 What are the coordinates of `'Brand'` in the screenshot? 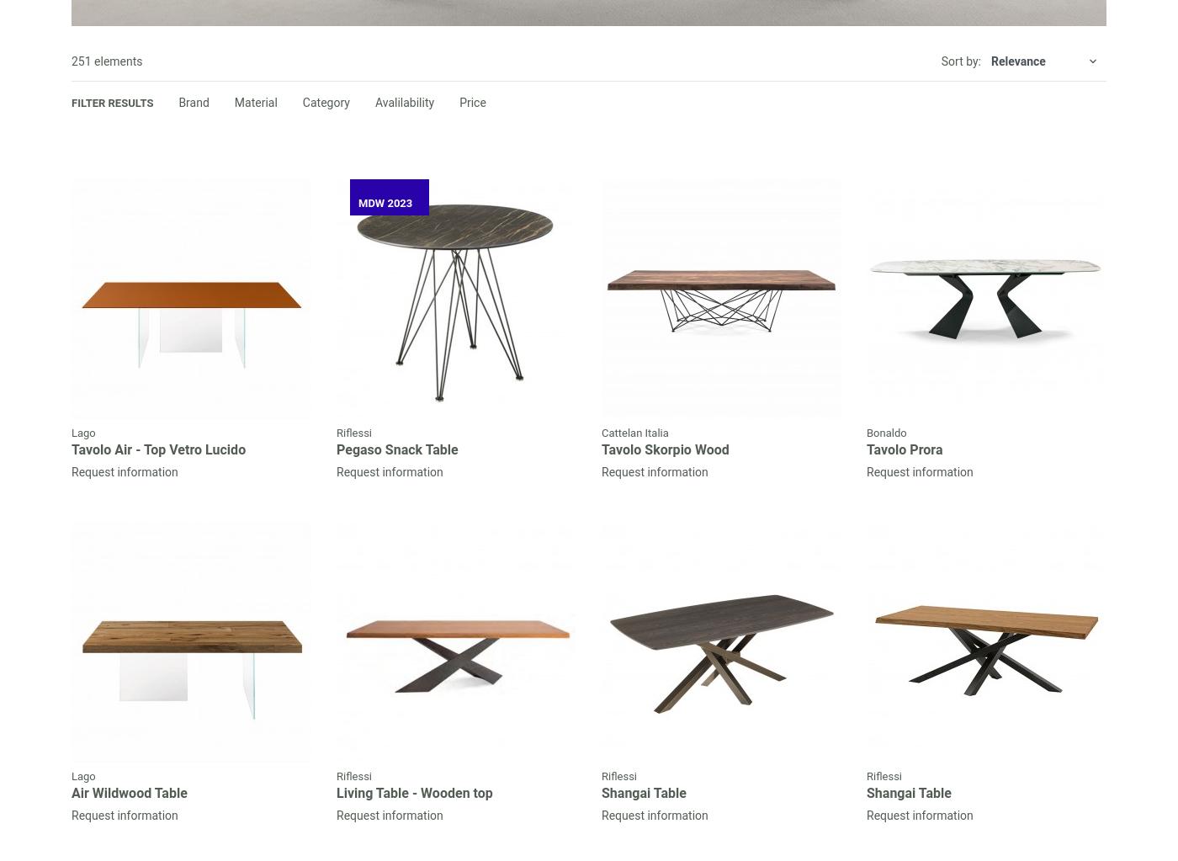 It's located at (194, 102).